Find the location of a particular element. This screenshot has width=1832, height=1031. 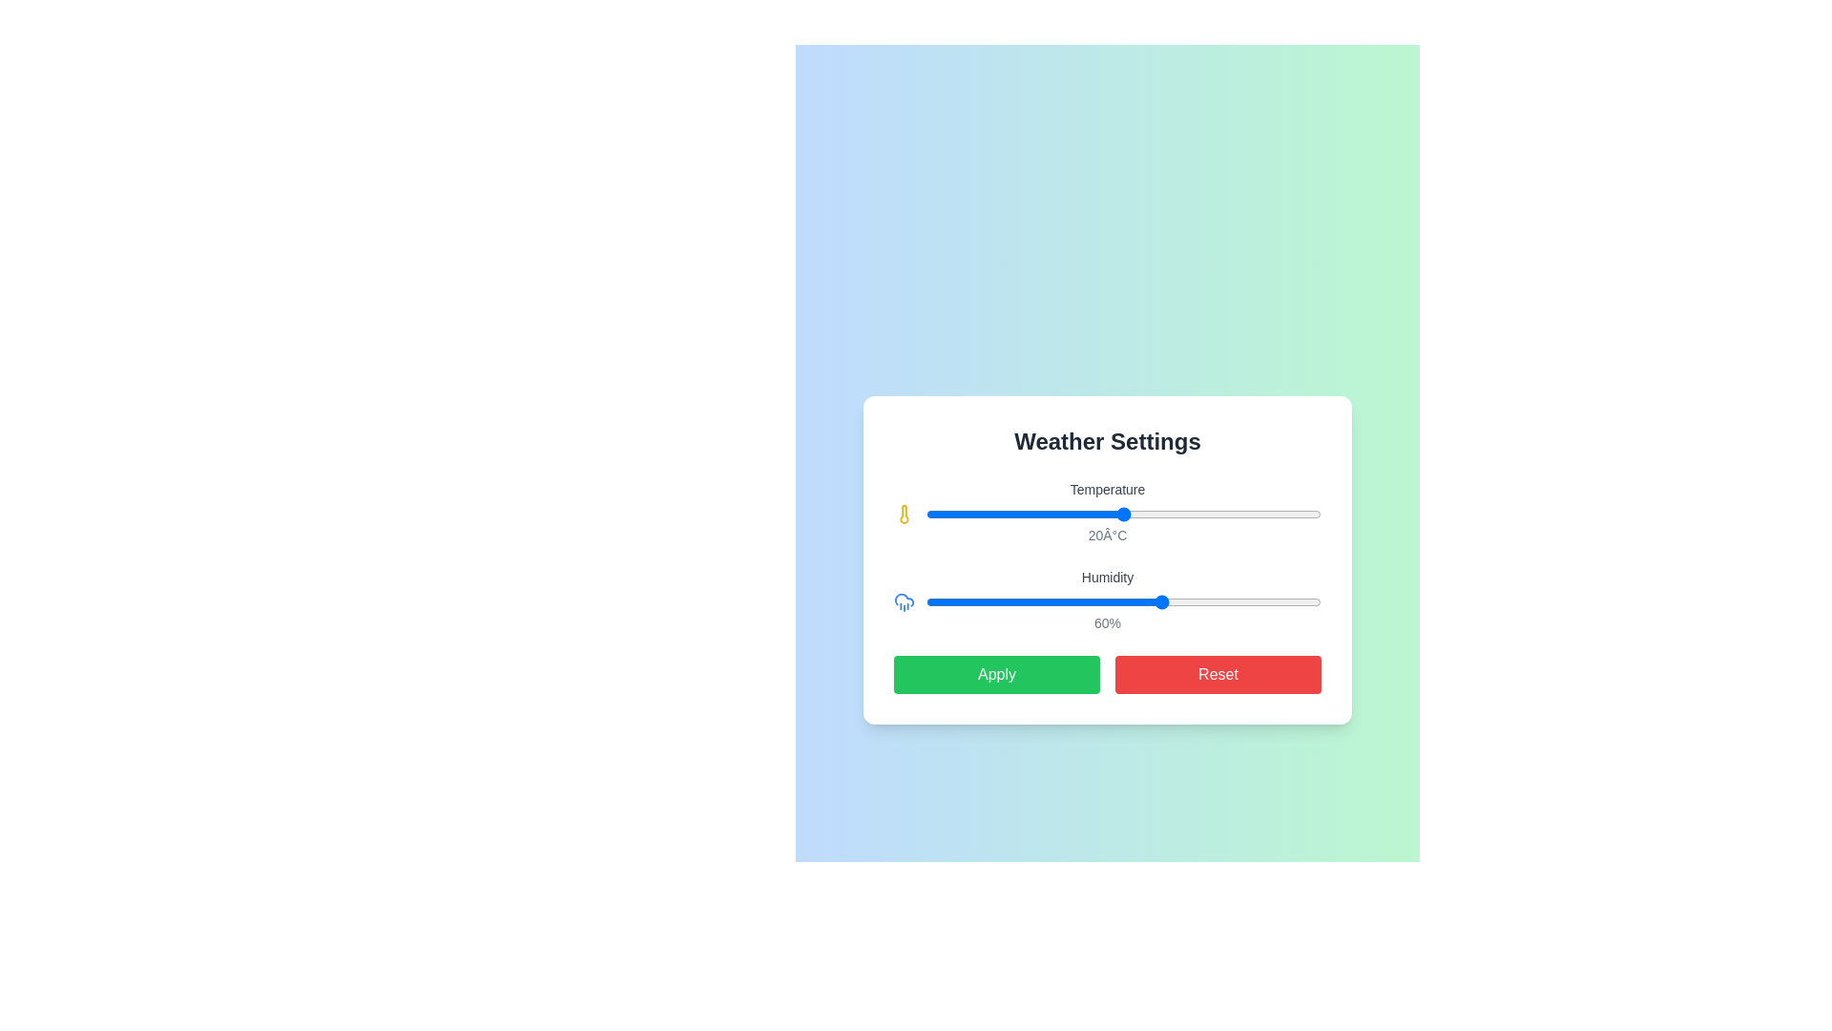

the temperature slider is located at coordinates (1222, 514).